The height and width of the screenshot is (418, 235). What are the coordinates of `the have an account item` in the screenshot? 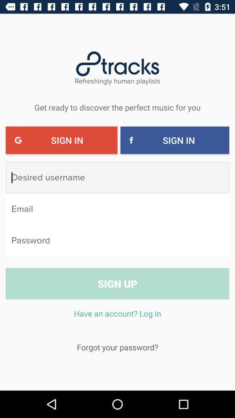 It's located at (117, 317).